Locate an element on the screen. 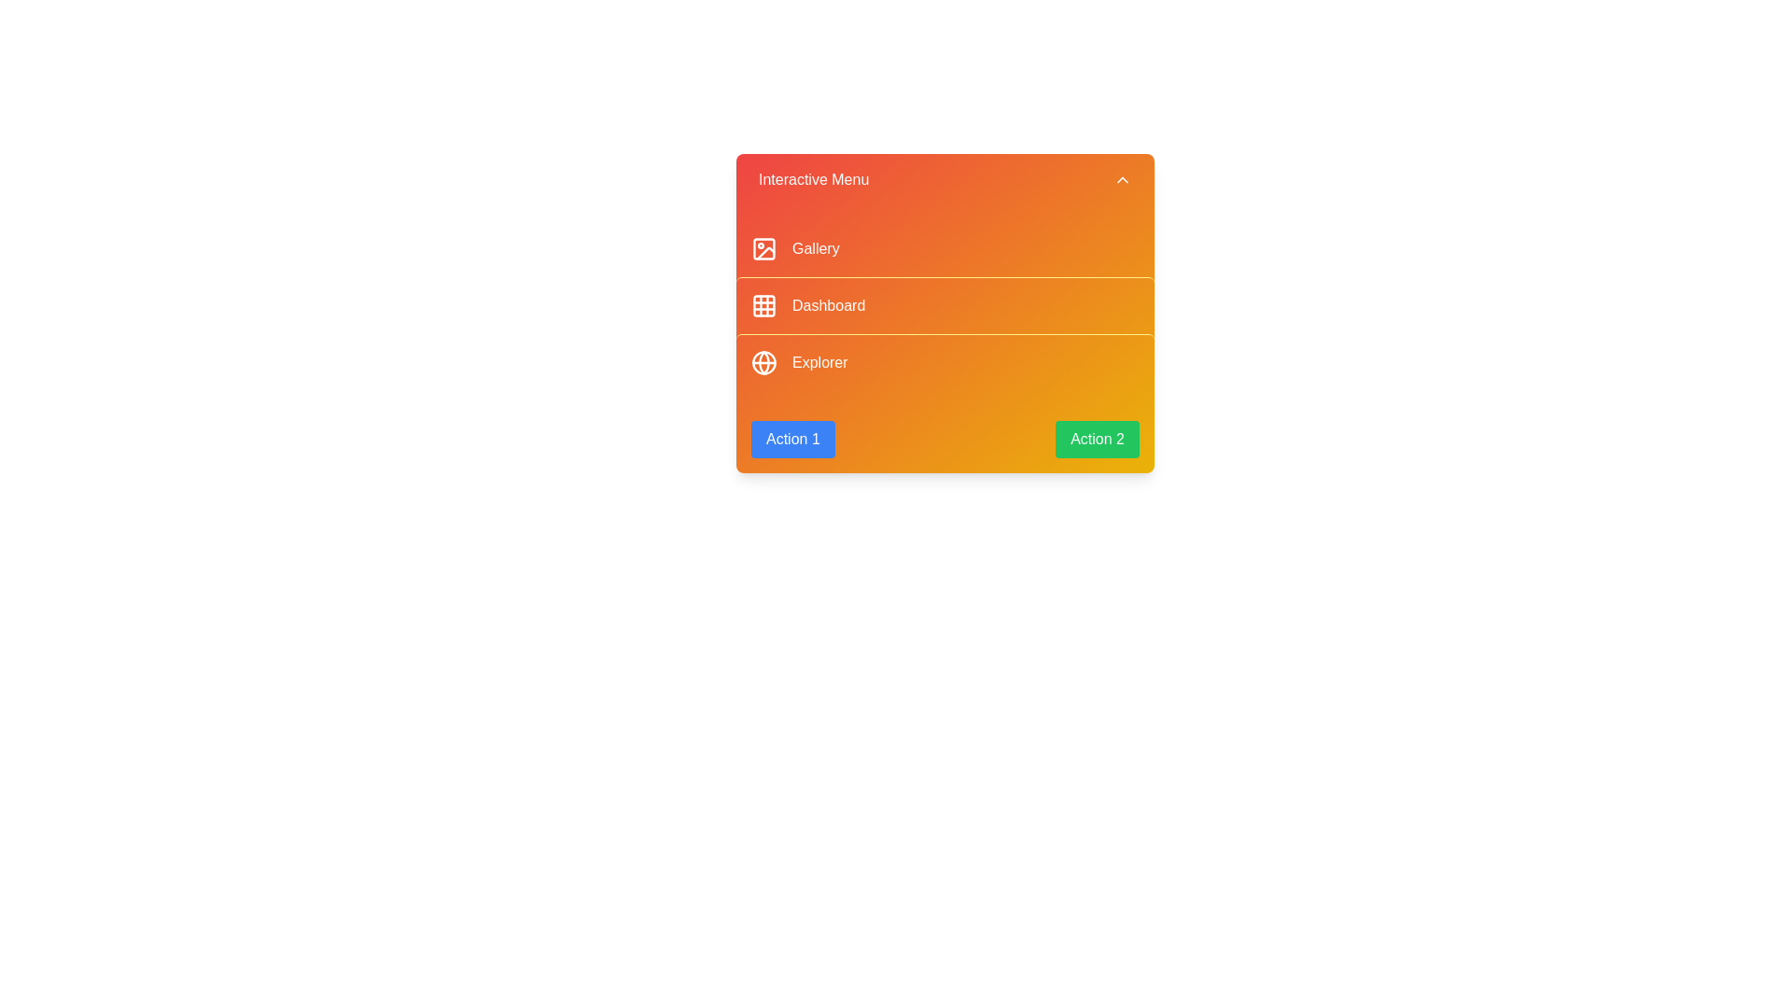 This screenshot has width=1792, height=1008. the menu item corresponding to Gallery is located at coordinates (945, 247).